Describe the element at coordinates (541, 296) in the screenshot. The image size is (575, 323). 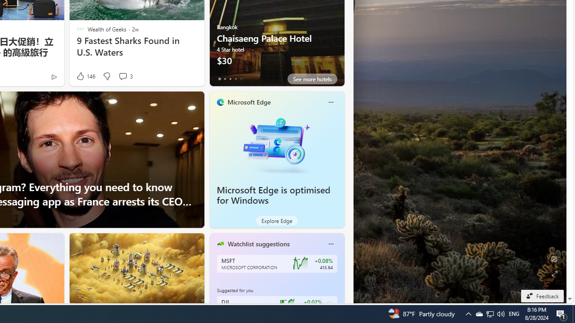
I see `'Feedback'` at that location.